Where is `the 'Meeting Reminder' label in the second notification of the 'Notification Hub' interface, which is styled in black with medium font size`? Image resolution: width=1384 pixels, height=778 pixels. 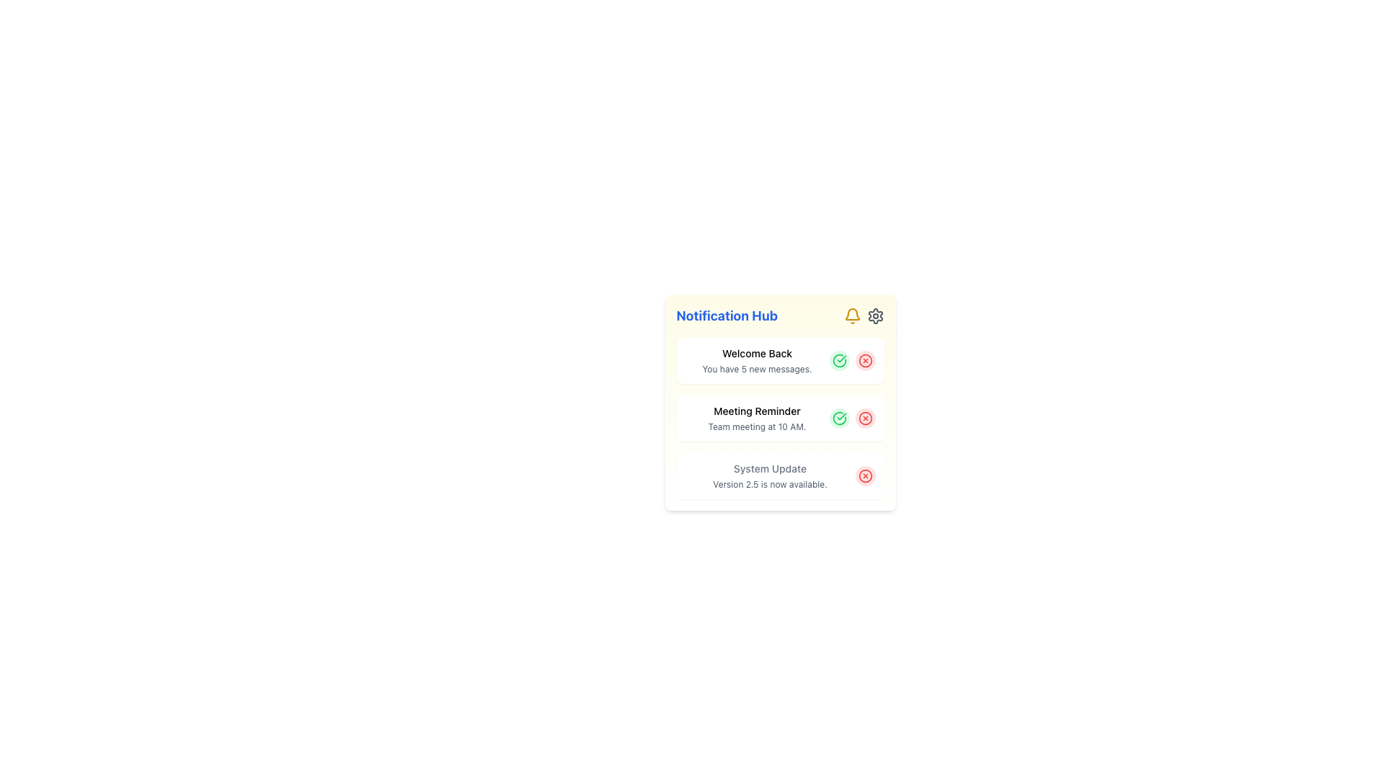
the 'Meeting Reminder' label in the second notification of the 'Notification Hub' interface, which is styled in black with medium font size is located at coordinates (756, 411).